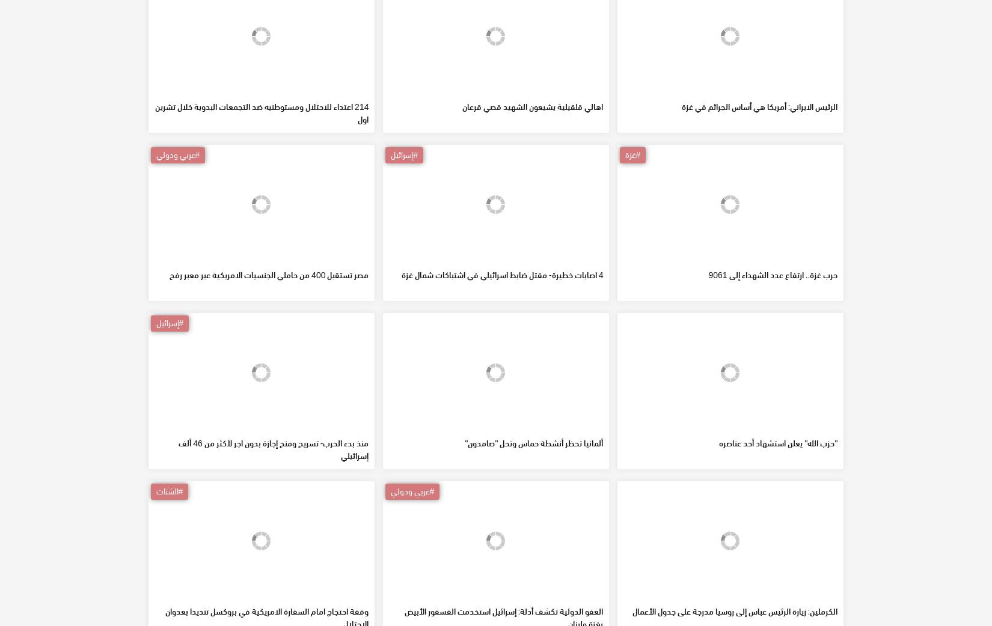 The width and height of the screenshot is (992, 626). Describe the element at coordinates (261, 199) in the screenshot. I see `'214 اعتداء للاحتلال ومستوطنيه ضد التجمعات البدوية خلال تشرين اول'` at that location.